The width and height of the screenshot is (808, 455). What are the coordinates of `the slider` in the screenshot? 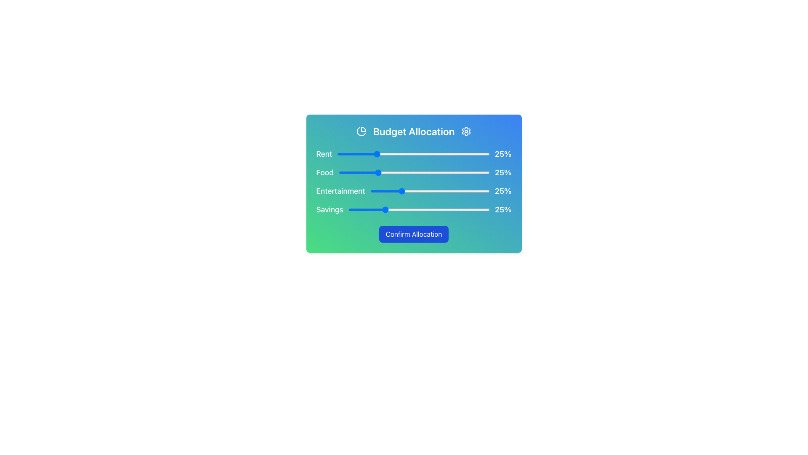 It's located at (405, 172).